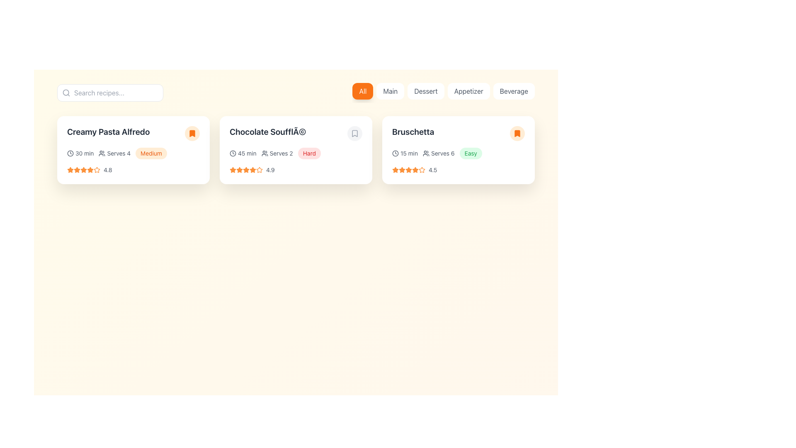  Describe the element at coordinates (133, 169) in the screenshot. I see `the rating indicator consisting of stars and a numeric score for the recipe 'Creamy Pasta Alfredo'` at that location.